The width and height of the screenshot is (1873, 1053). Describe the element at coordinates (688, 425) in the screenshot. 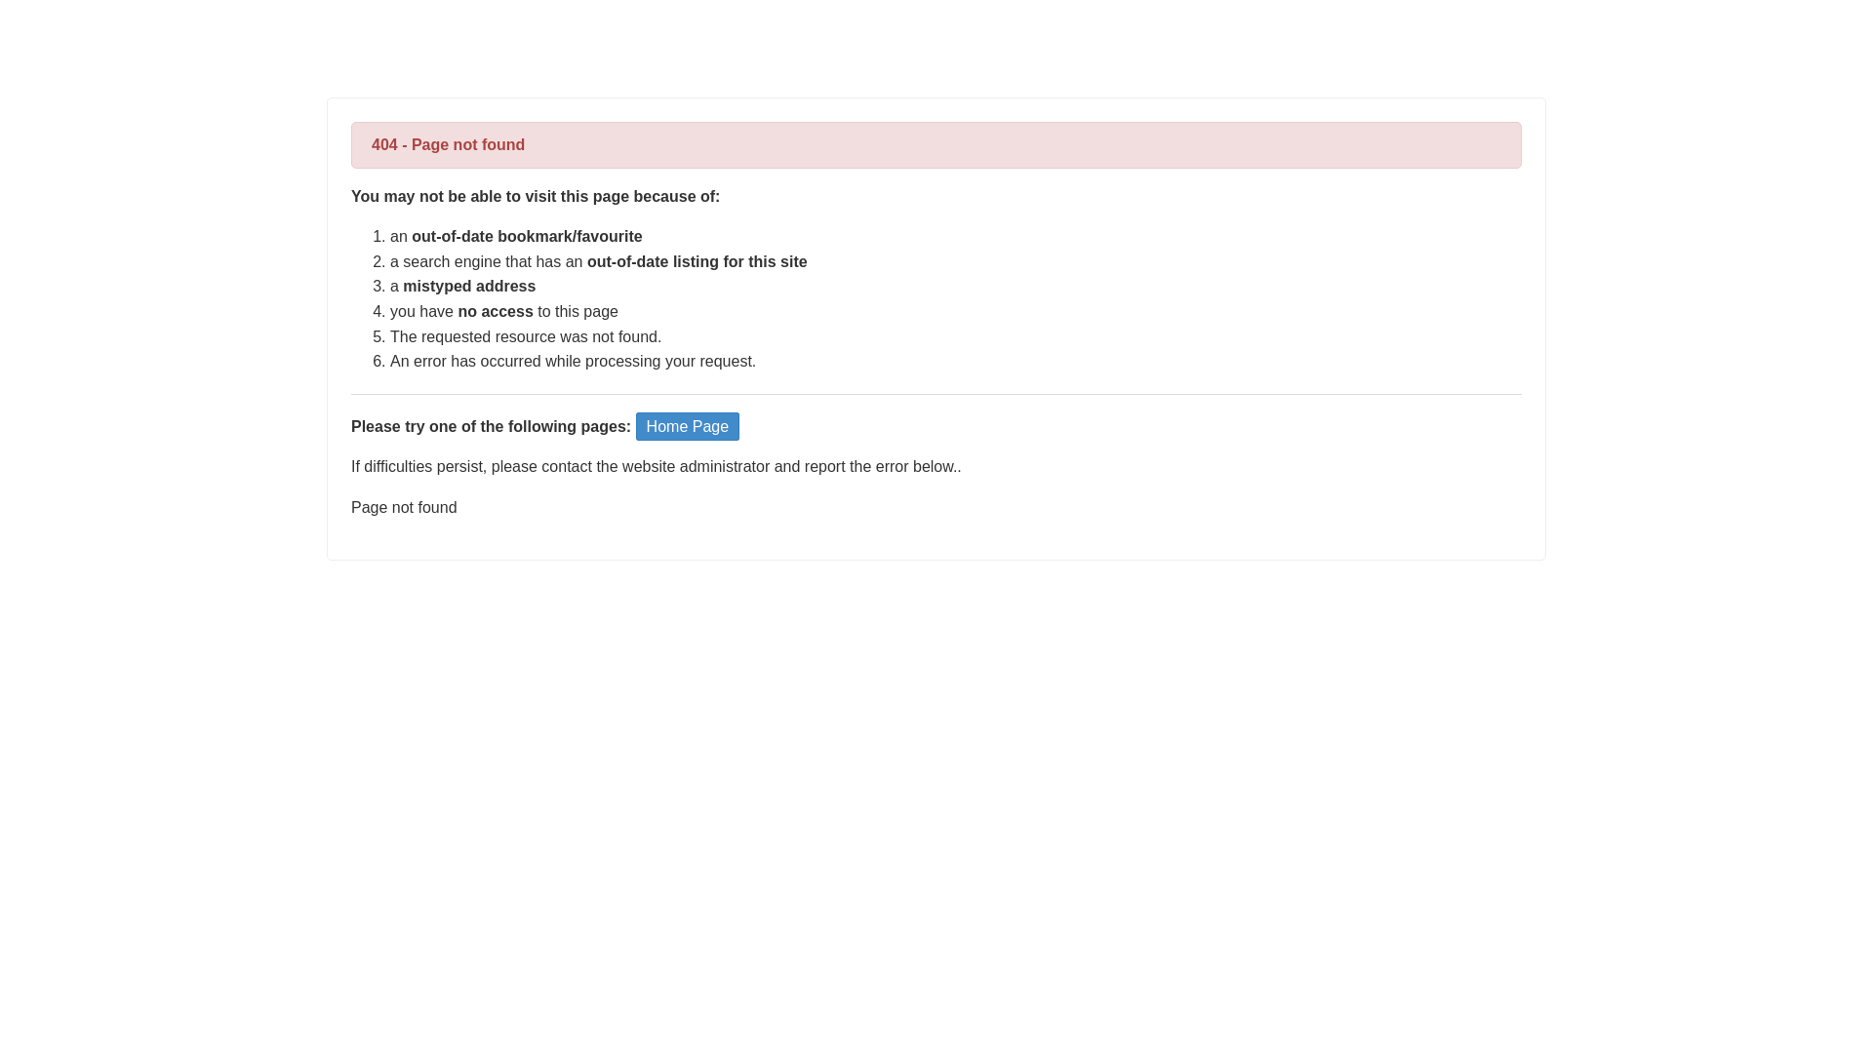

I see `'Home Page'` at that location.